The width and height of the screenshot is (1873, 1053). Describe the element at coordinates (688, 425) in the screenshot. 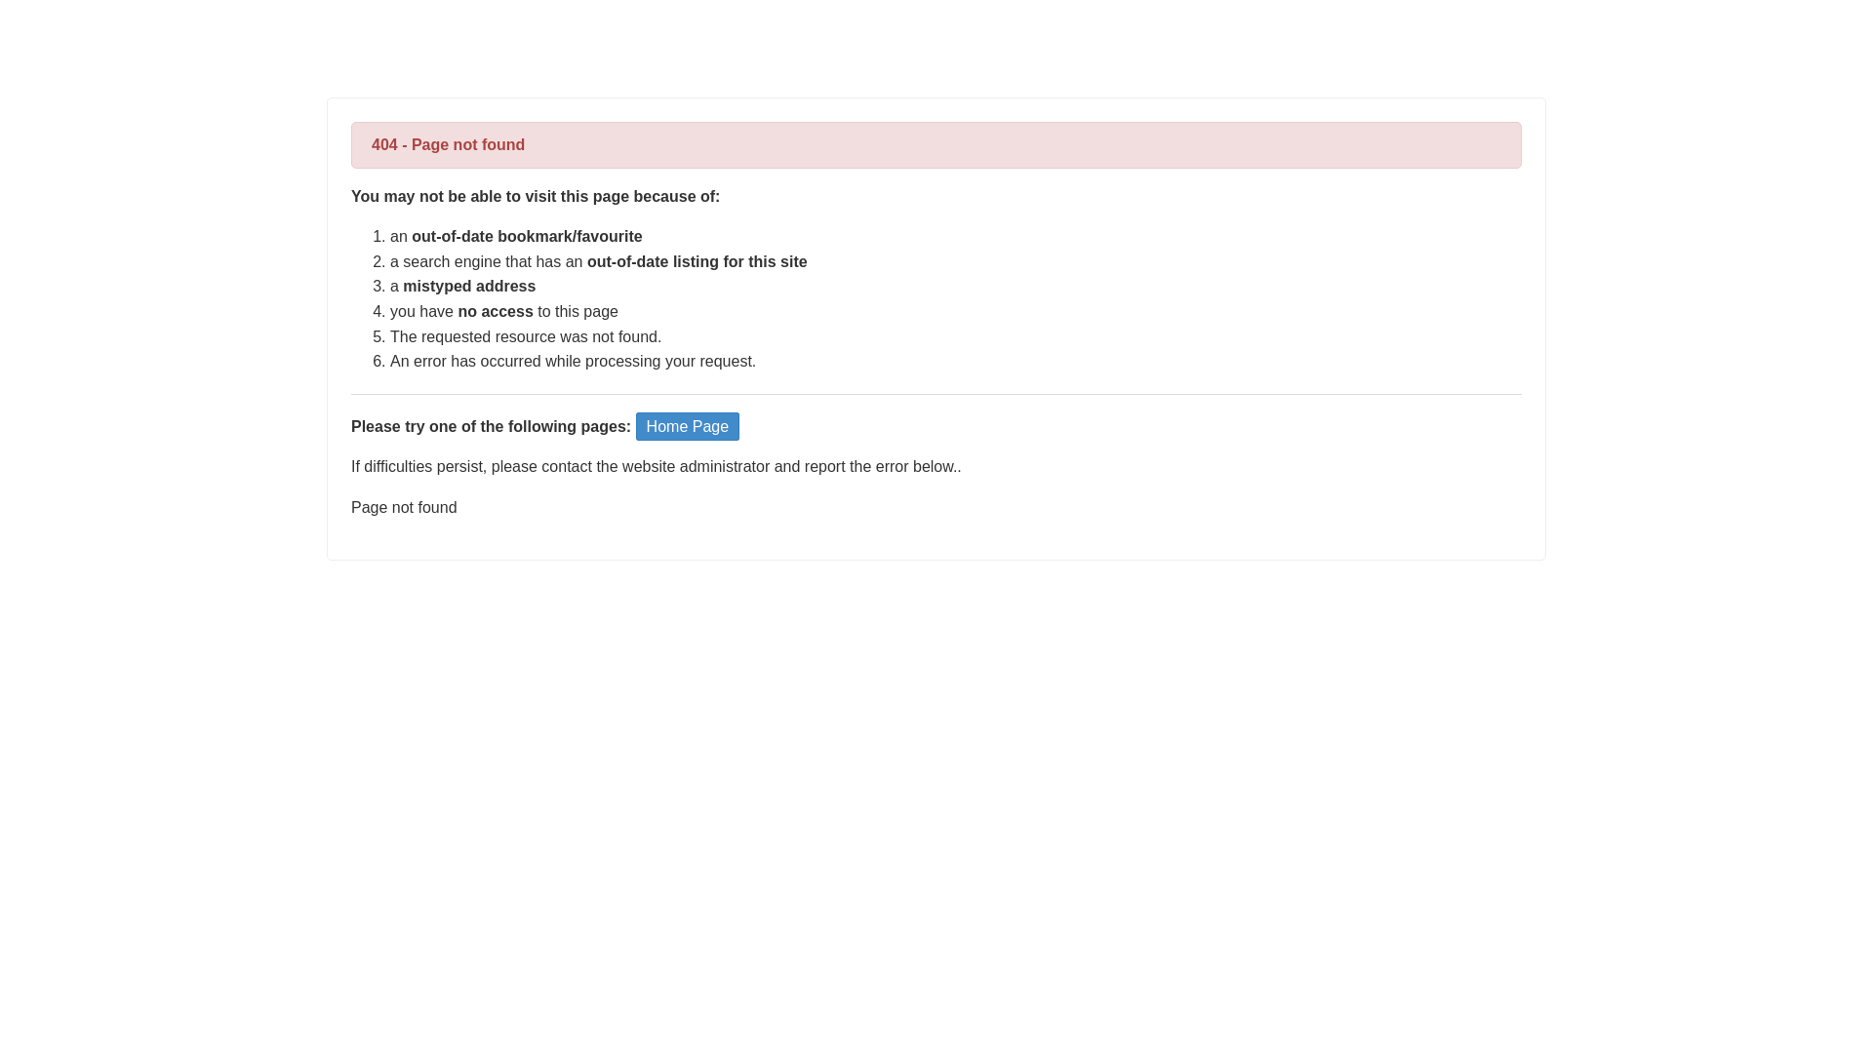

I see `'Home Page'` at that location.